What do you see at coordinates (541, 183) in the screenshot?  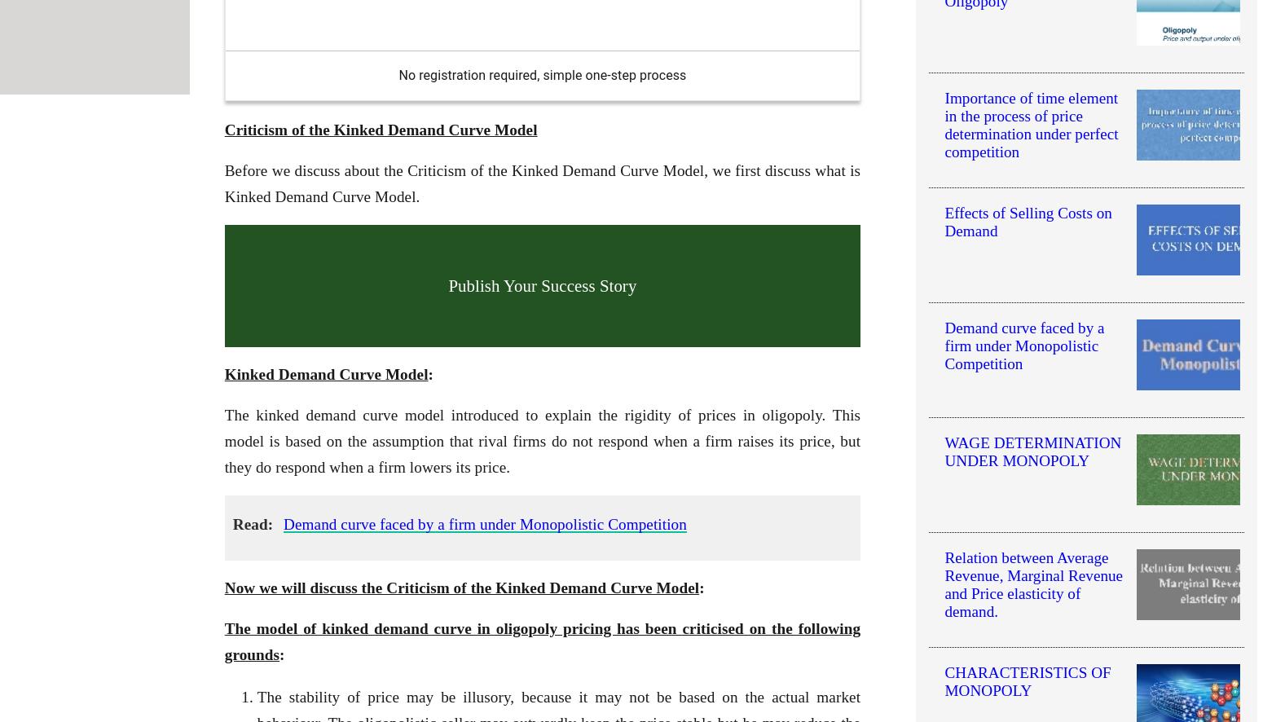 I see `'Before we discuss about the Criticism of the Kinked Demand Curve Model, we first discuss what is Kinked Demand Curve Model.'` at bounding box center [541, 183].